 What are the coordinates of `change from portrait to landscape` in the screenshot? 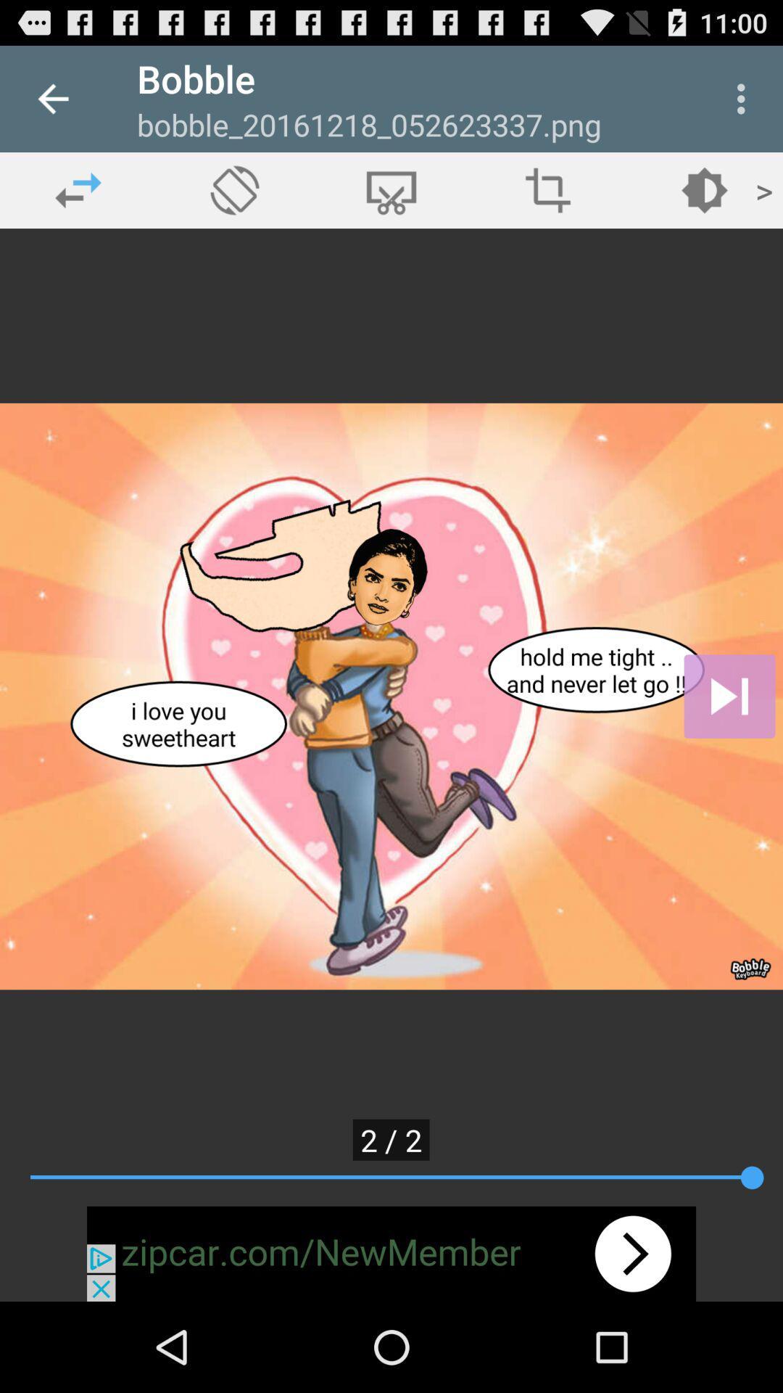 It's located at (234, 189).